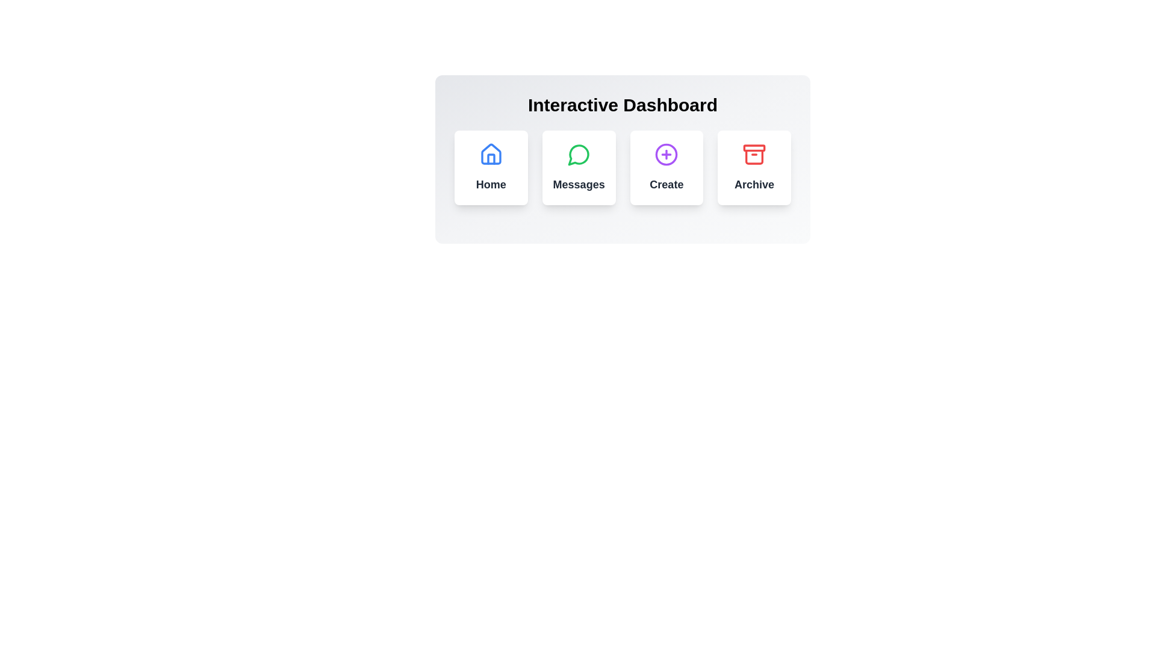 This screenshot has width=1156, height=650. I want to click on the Text label that indicates the action of creating something, located in the third position from the left within a row of similar components, so click(666, 185).